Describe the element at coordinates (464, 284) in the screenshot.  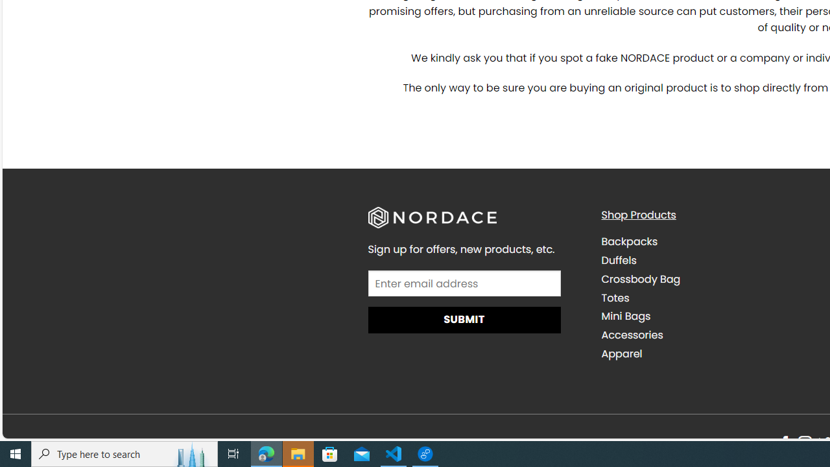
I see `'AutomationID: field_4_1'` at that location.